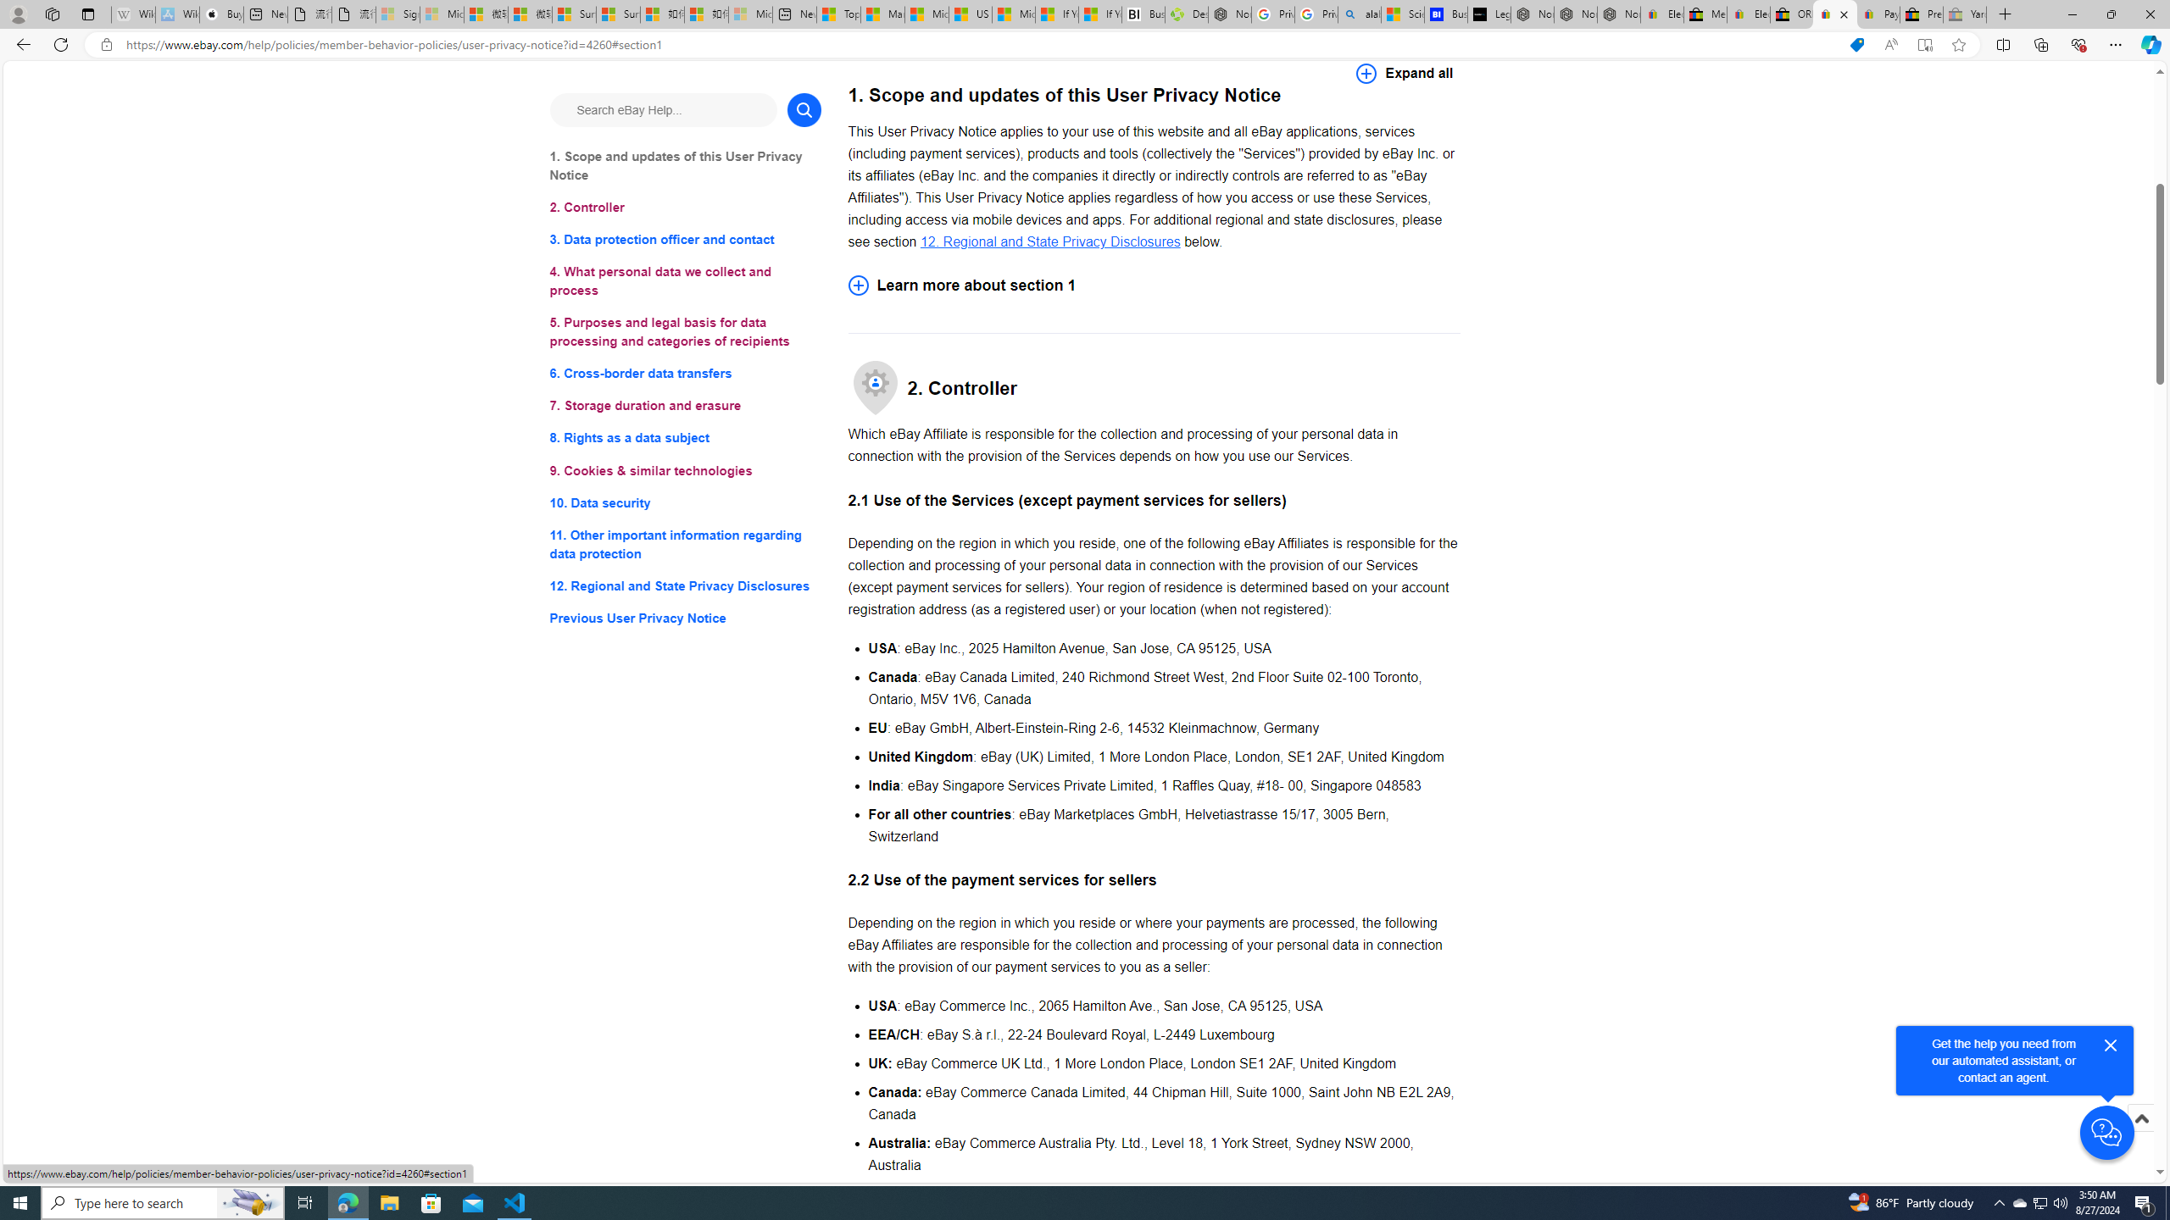  I want to click on 'Wikipedia - Sleeping', so click(132, 14).